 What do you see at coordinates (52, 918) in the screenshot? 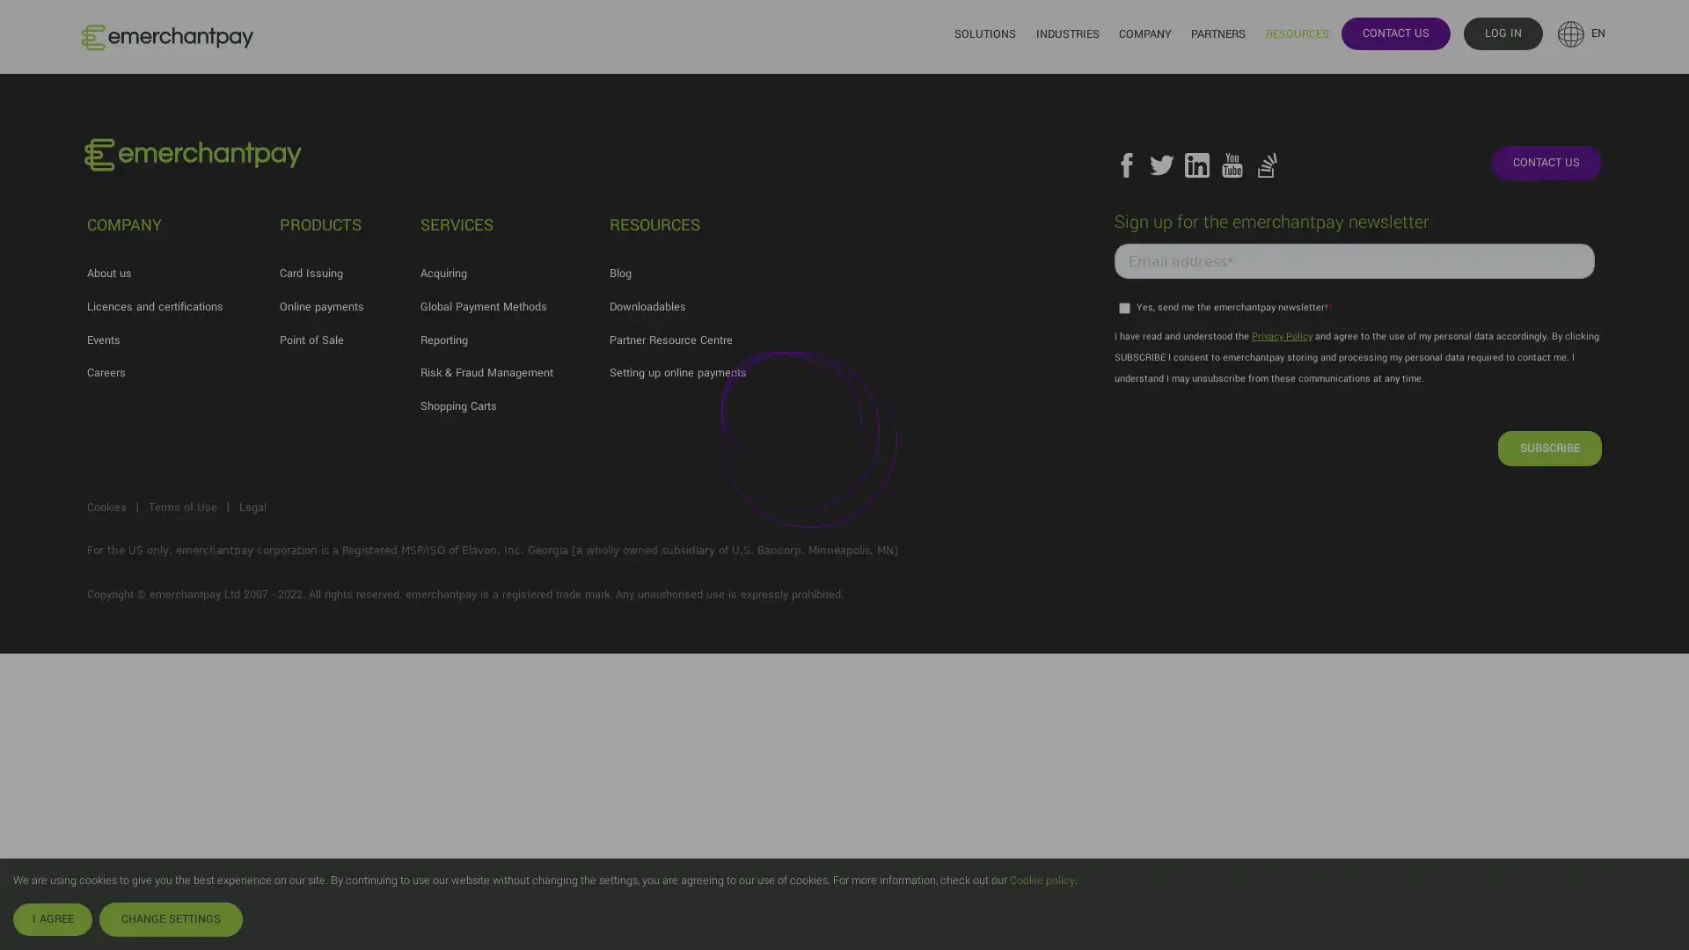
I see `I AGREE` at bounding box center [52, 918].